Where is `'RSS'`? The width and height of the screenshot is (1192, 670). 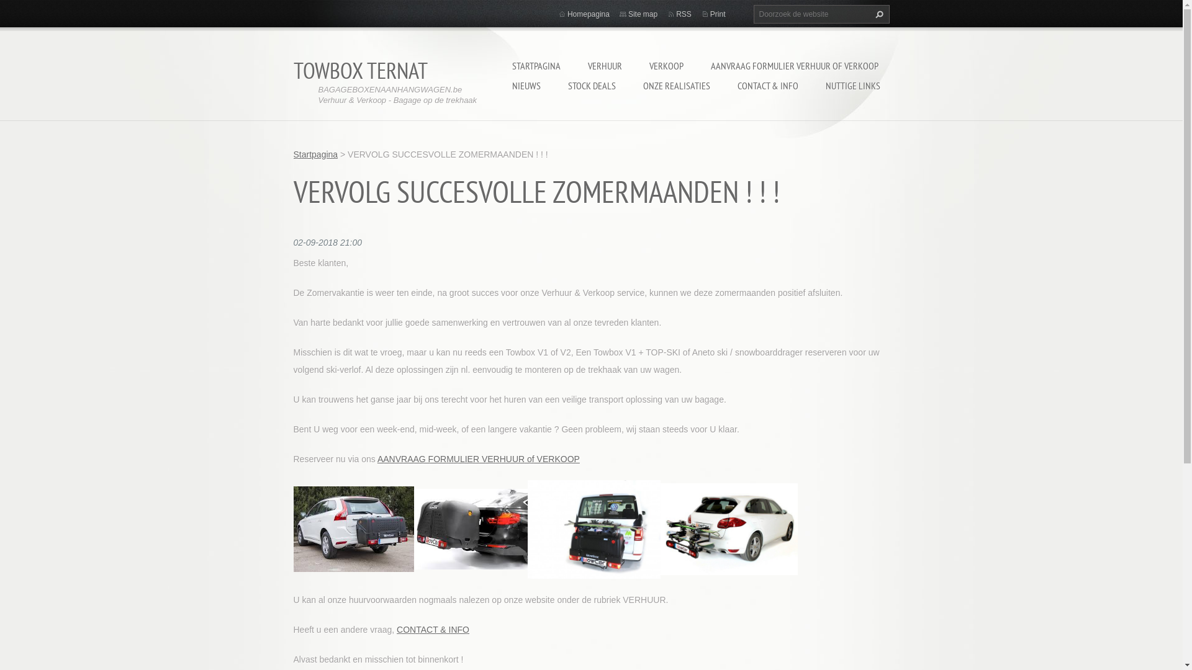
'RSS' is located at coordinates (683, 14).